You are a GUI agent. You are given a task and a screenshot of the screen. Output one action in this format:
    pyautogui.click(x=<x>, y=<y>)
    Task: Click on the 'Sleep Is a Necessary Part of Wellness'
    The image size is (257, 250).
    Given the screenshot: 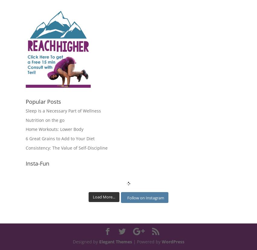 What is the action you would take?
    pyautogui.click(x=63, y=110)
    